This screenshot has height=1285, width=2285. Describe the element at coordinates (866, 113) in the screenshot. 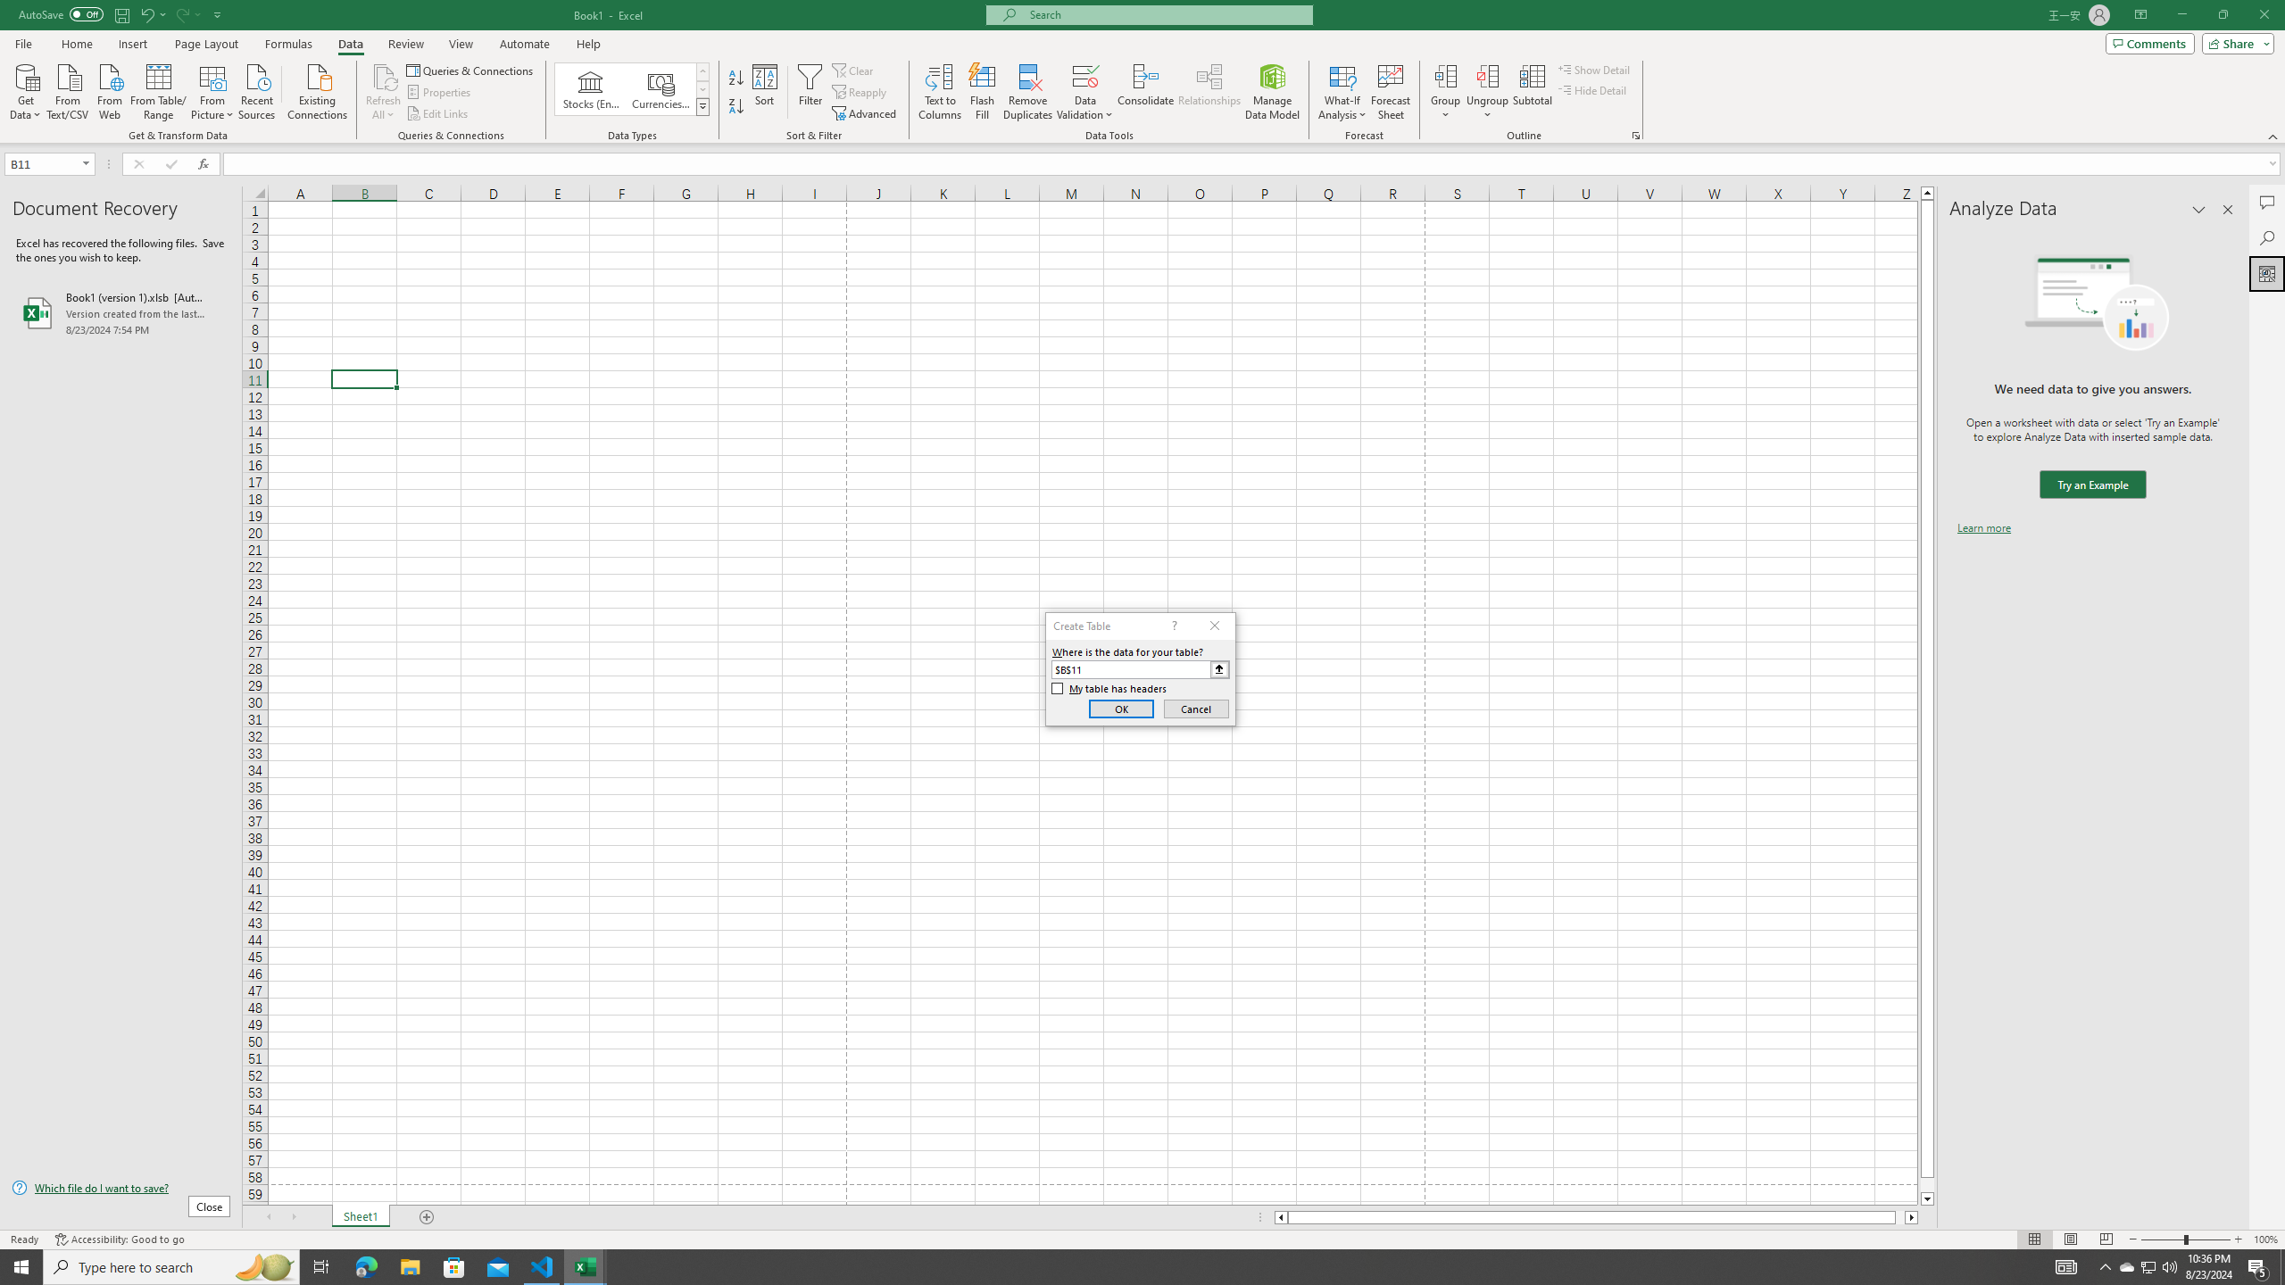

I see `'Advanced...'` at that location.